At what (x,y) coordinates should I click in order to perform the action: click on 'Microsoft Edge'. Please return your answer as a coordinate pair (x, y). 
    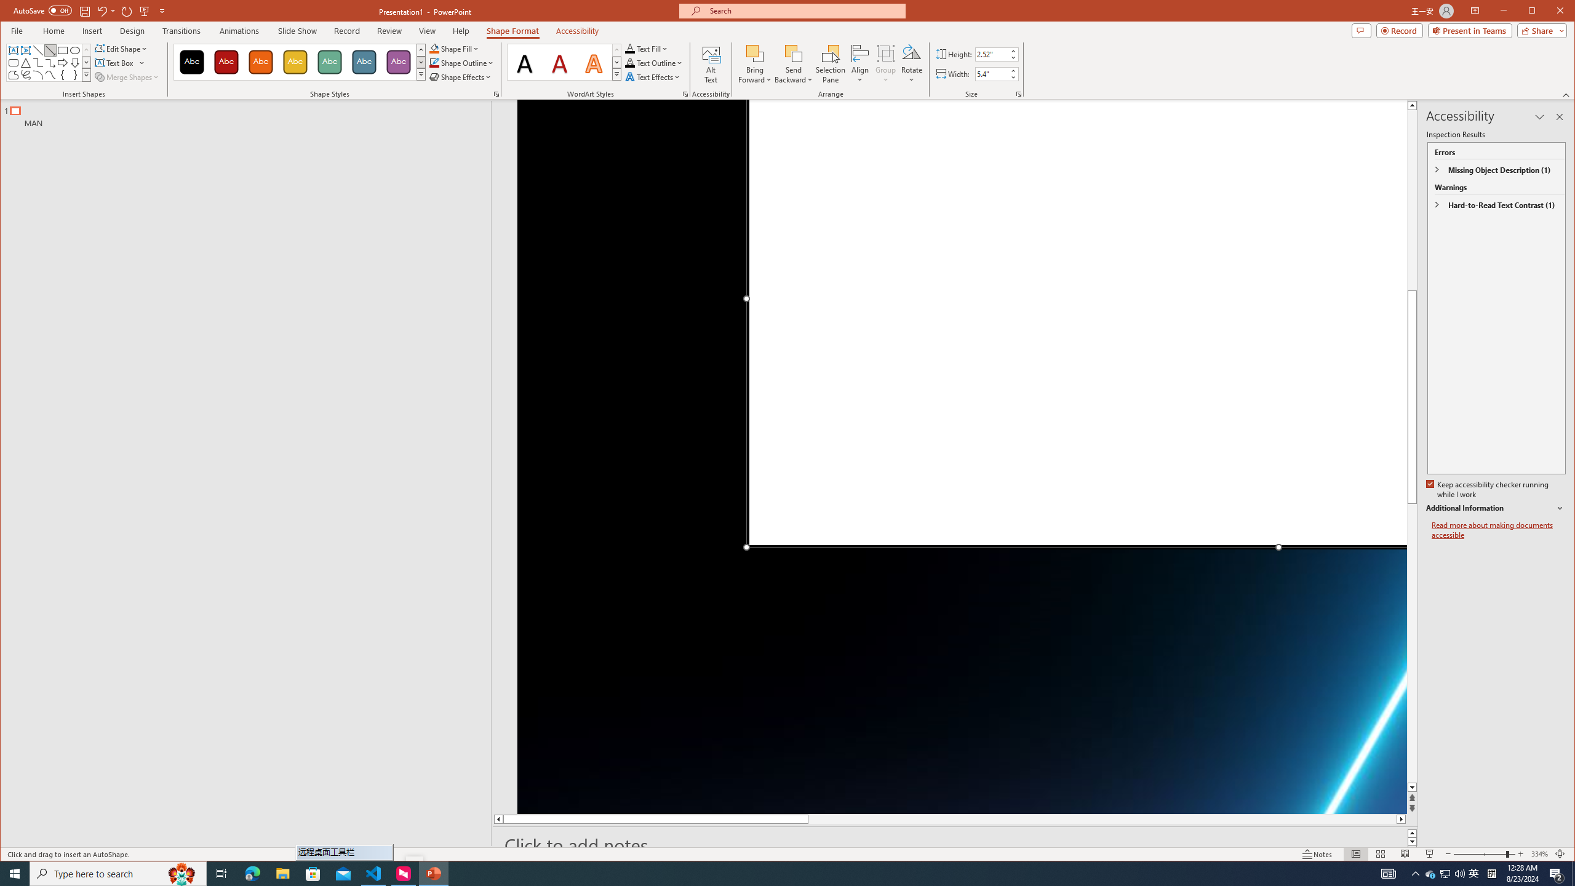
    Looking at the image, I should click on (252, 872).